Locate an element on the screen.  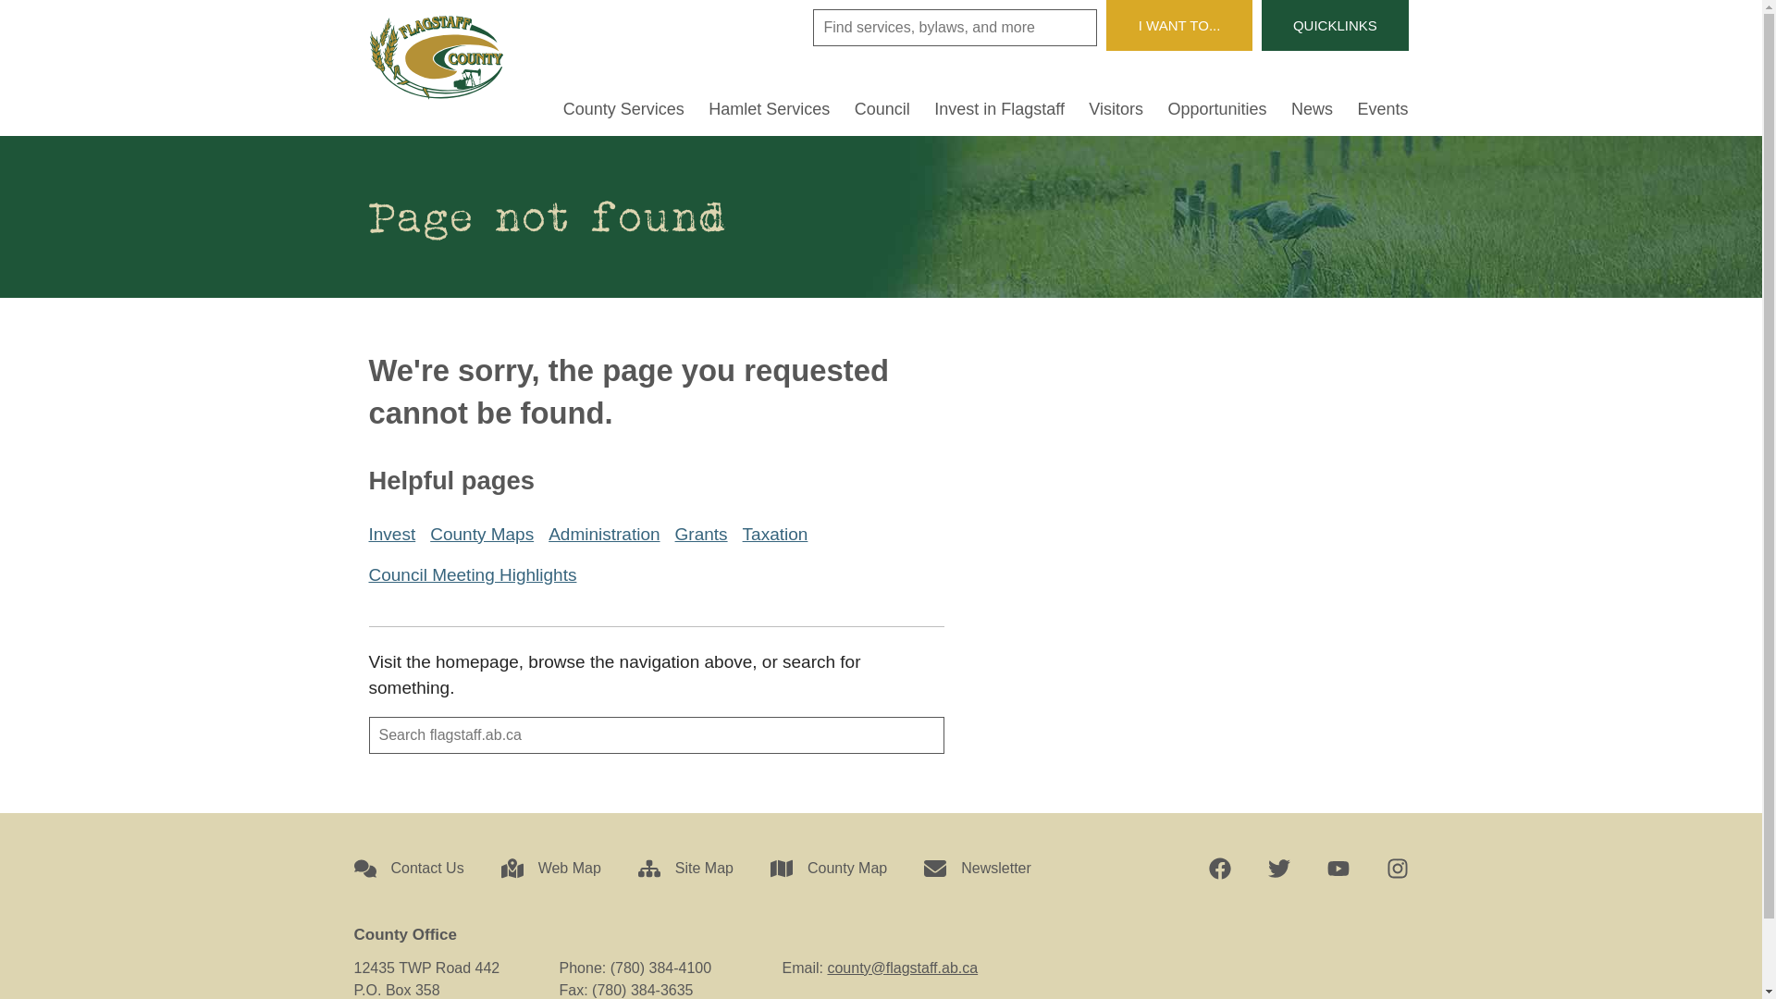
'Newsletter' is located at coordinates (976, 868).